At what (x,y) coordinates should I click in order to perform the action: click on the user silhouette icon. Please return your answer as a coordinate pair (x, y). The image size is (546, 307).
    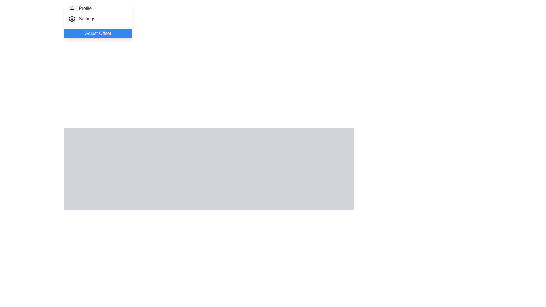
    Looking at the image, I should click on (72, 9).